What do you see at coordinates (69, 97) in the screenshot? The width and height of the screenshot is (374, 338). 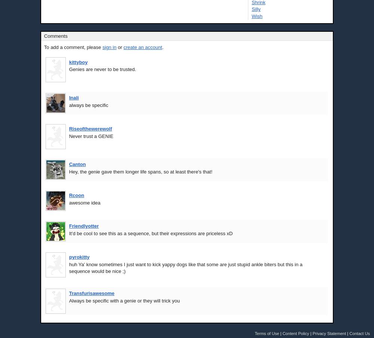 I see `'Inali'` at bounding box center [69, 97].